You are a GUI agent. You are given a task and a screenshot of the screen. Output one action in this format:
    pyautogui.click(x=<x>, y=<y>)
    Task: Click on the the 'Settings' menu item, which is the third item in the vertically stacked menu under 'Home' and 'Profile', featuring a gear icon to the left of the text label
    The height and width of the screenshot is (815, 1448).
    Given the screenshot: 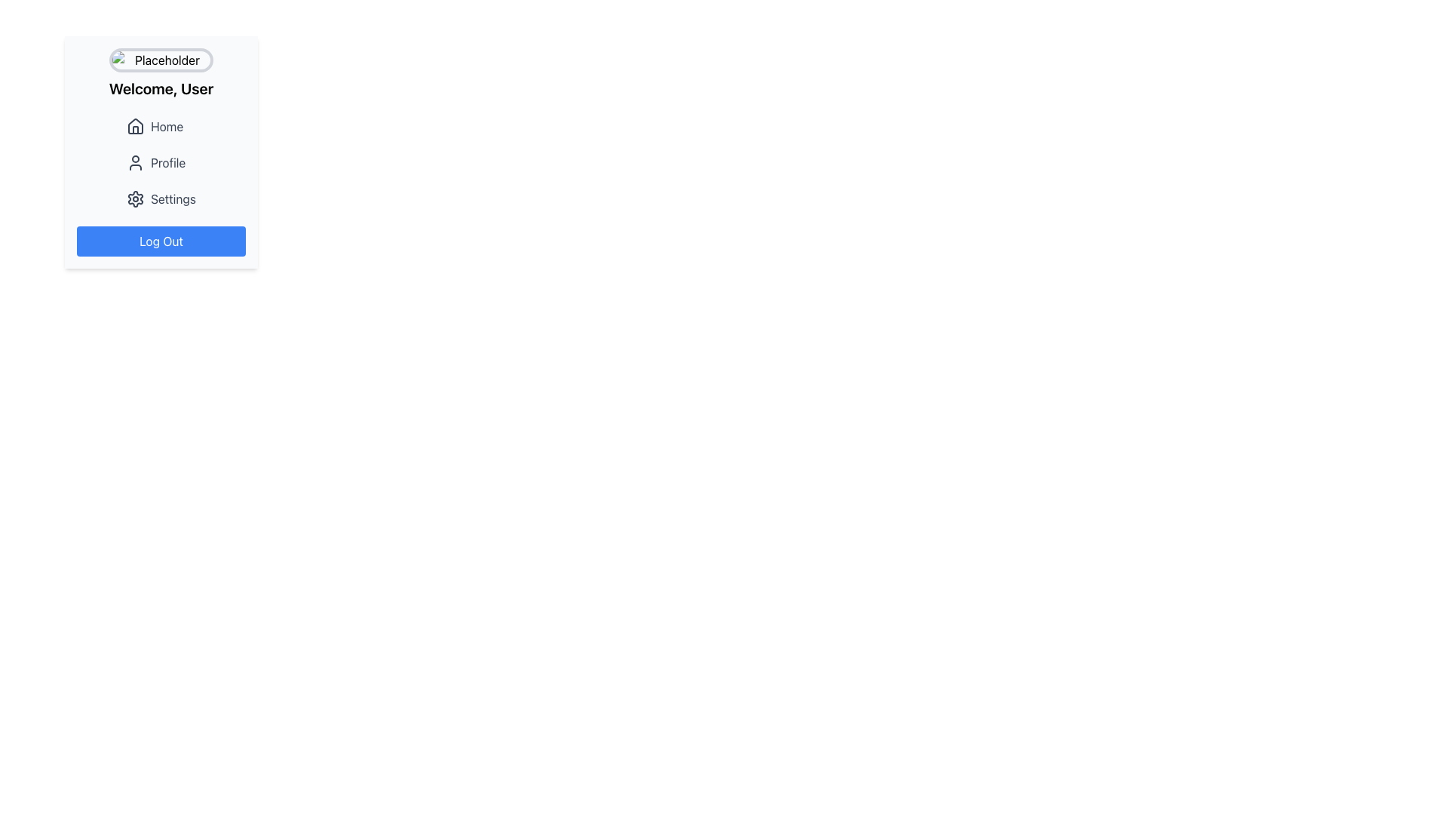 What is the action you would take?
    pyautogui.click(x=161, y=198)
    